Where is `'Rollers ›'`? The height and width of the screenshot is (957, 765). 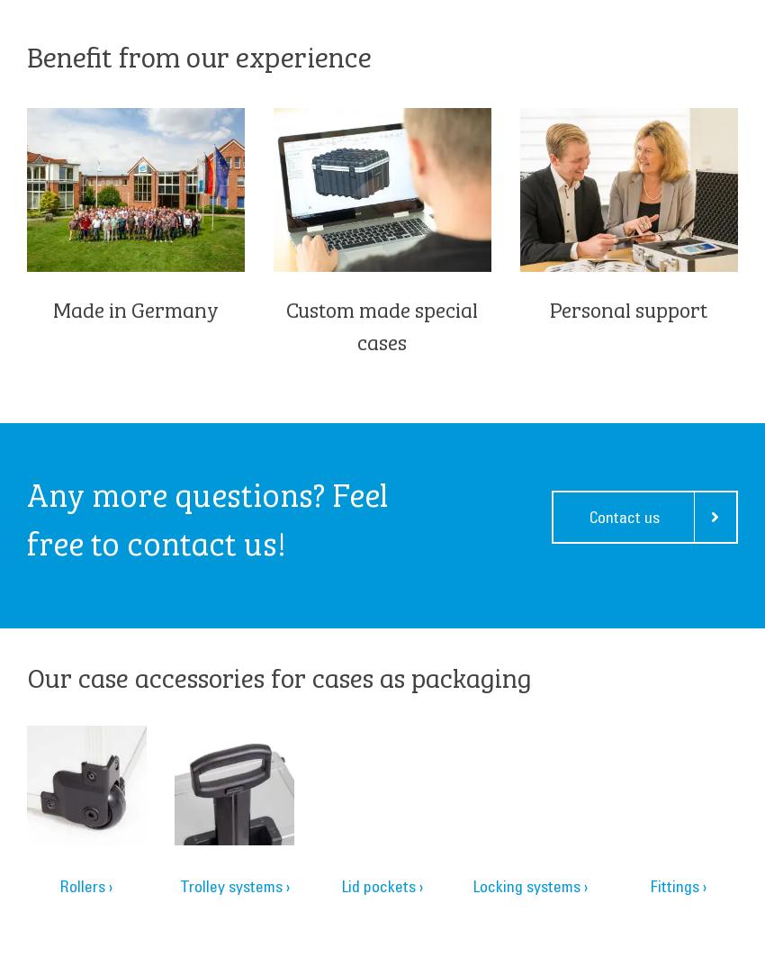
'Rollers ›' is located at coordinates (85, 885).